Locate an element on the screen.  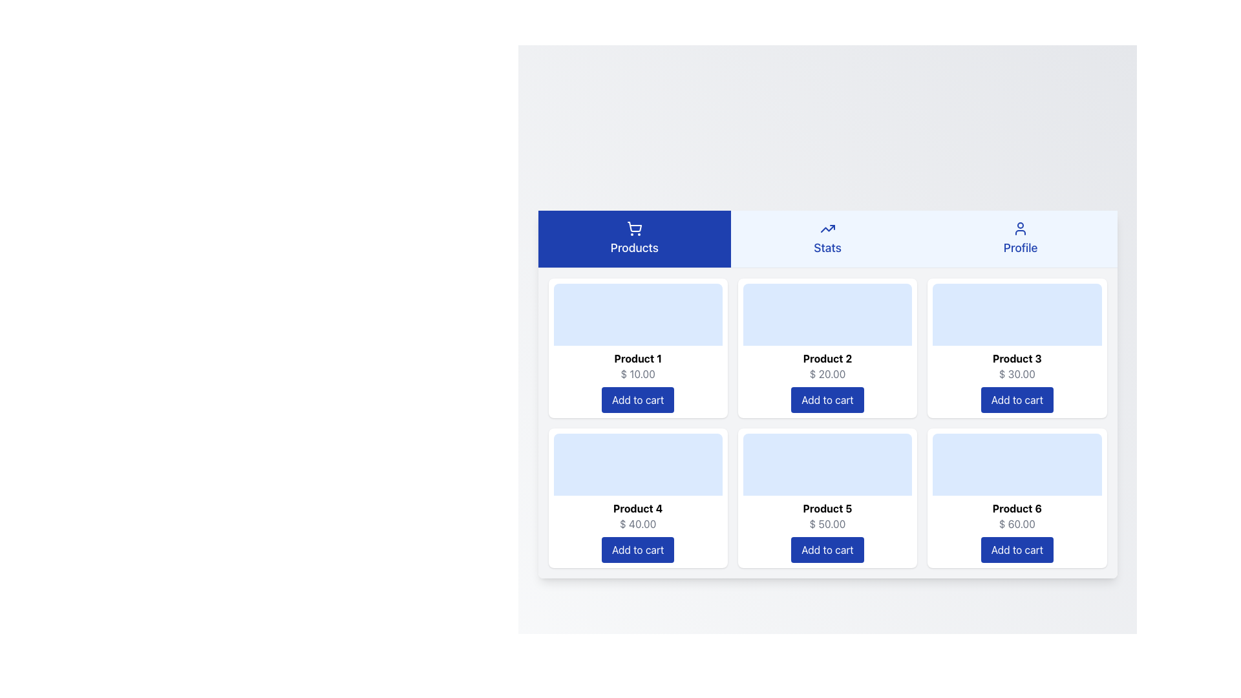
the 'Stats' text label displayed in blue text below the rising arrow icon in the top navigation section is located at coordinates (827, 248).